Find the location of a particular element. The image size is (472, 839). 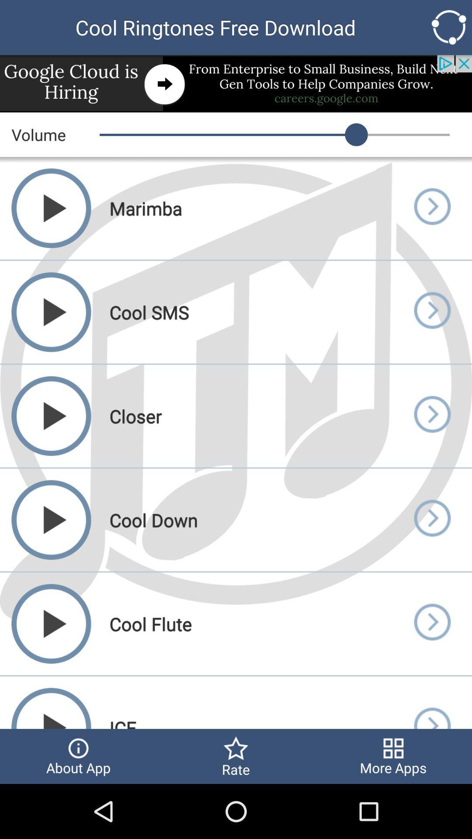

button is located at coordinates (431, 520).